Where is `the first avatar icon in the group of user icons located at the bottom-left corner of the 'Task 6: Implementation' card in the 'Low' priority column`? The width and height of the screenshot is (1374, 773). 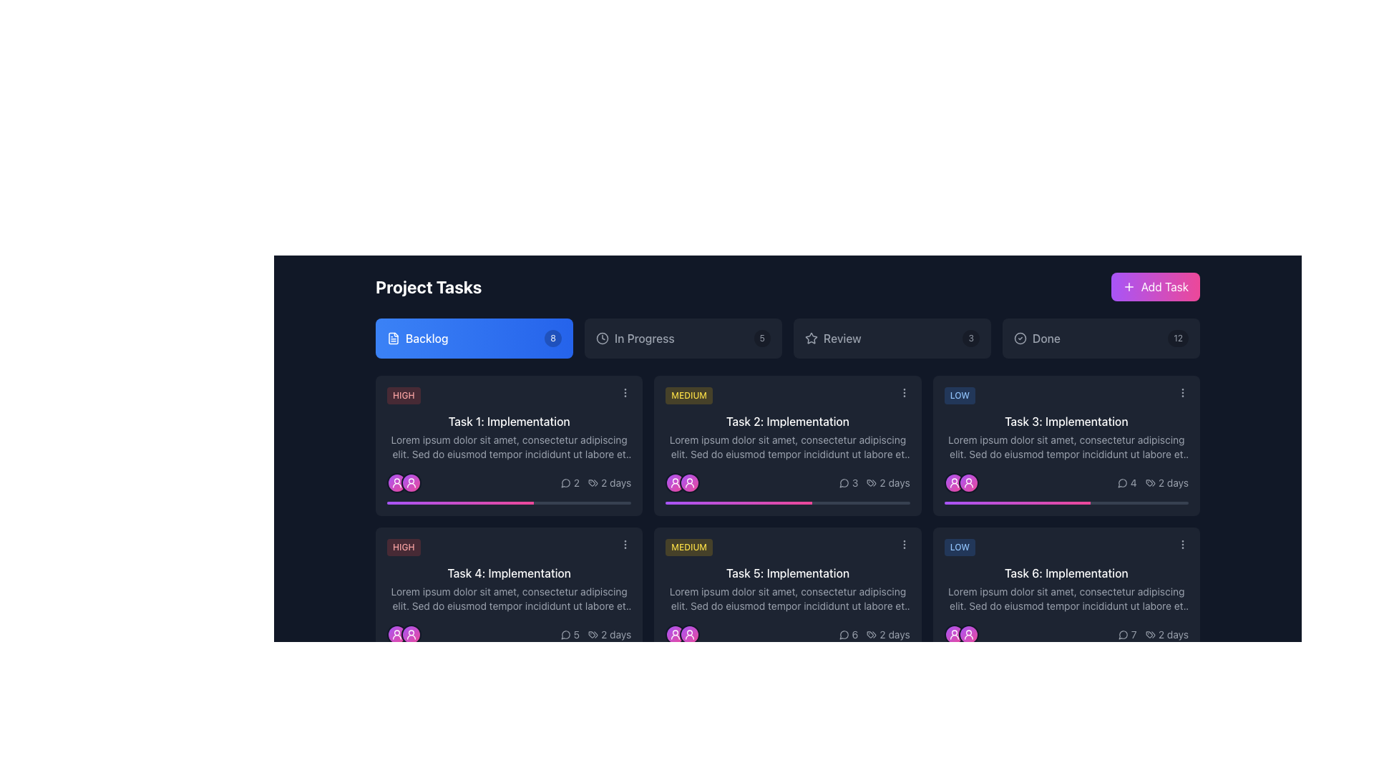 the first avatar icon in the group of user icons located at the bottom-left corner of the 'Task 6: Implementation' card in the 'Low' priority column is located at coordinates (954, 634).